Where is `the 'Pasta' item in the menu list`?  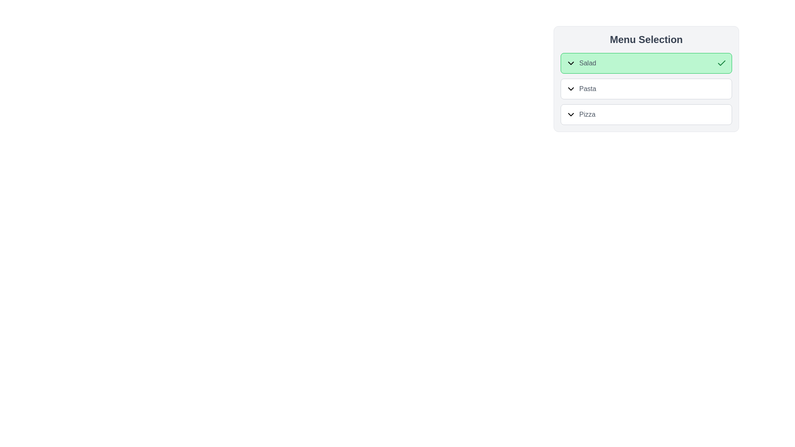 the 'Pasta' item in the menu list is located at coordinates (646, 89).